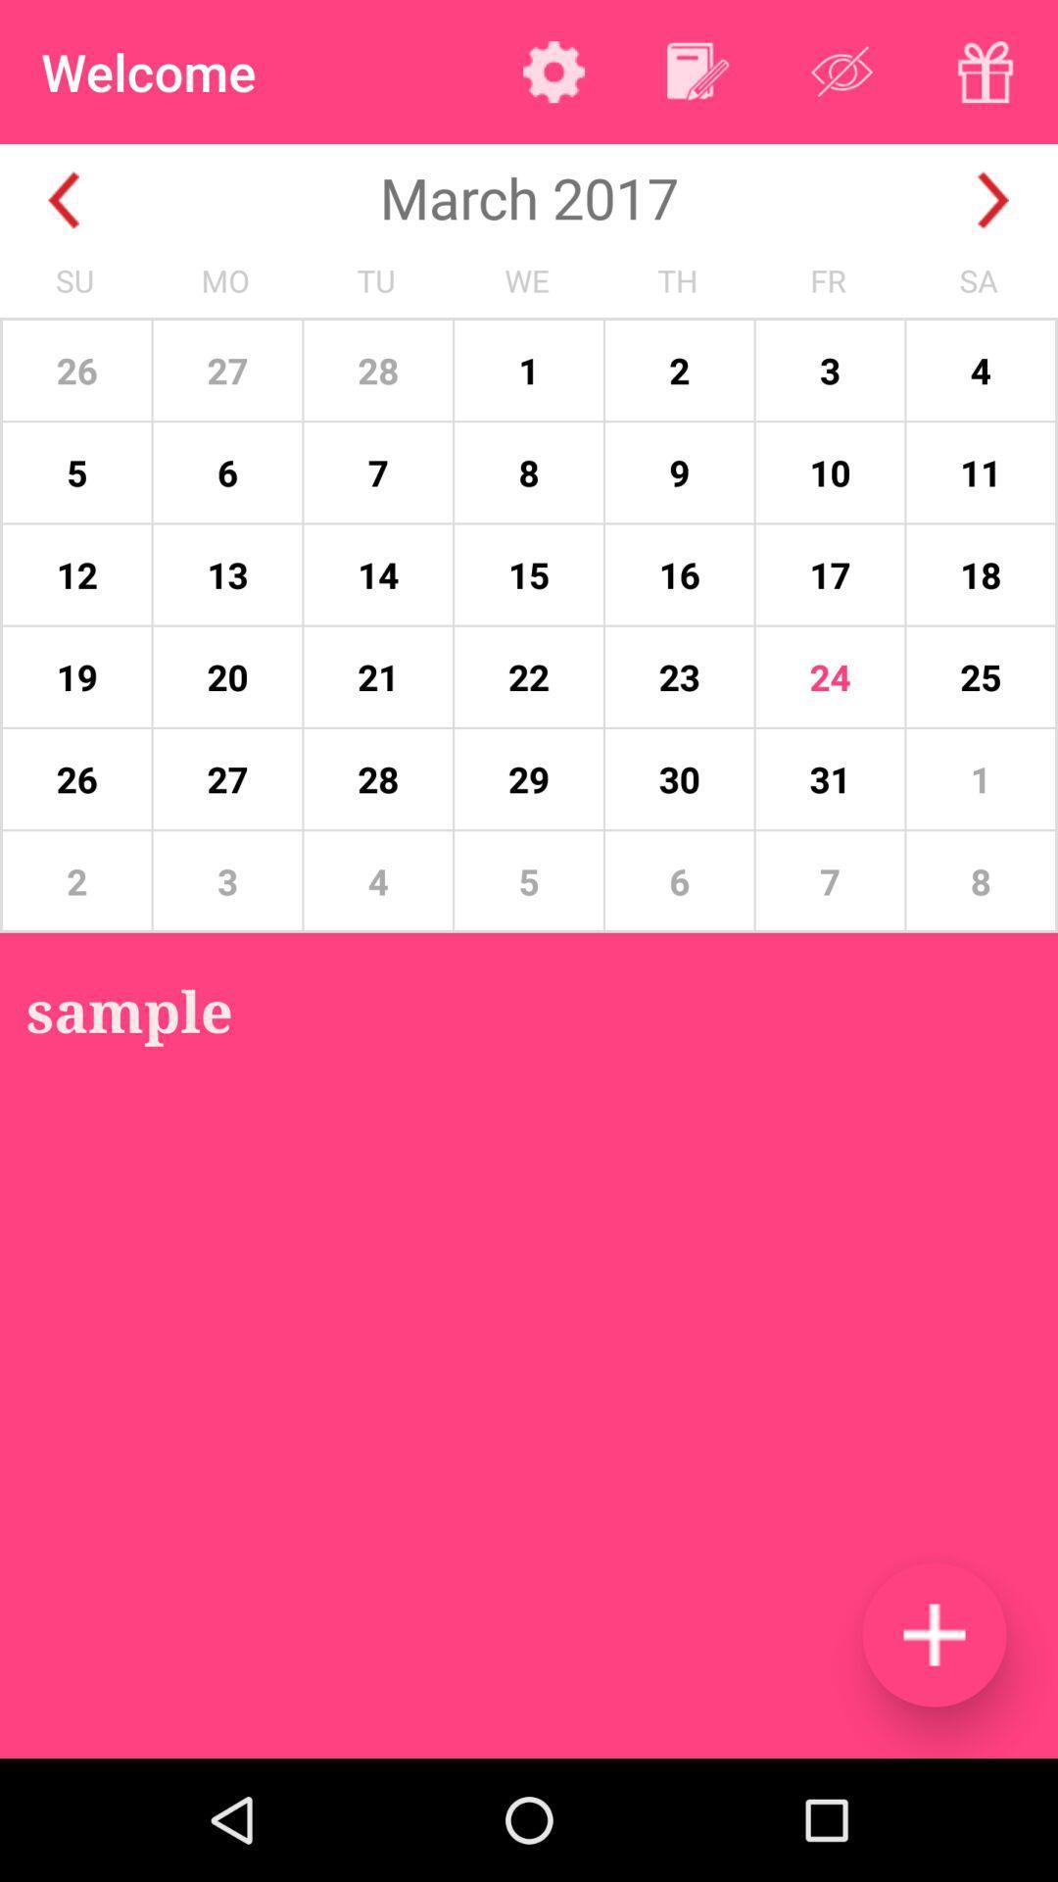  What do you see at coordinates (697, 72) in the screenshot?
I see `to calendar` at bounding box center [697, 72].